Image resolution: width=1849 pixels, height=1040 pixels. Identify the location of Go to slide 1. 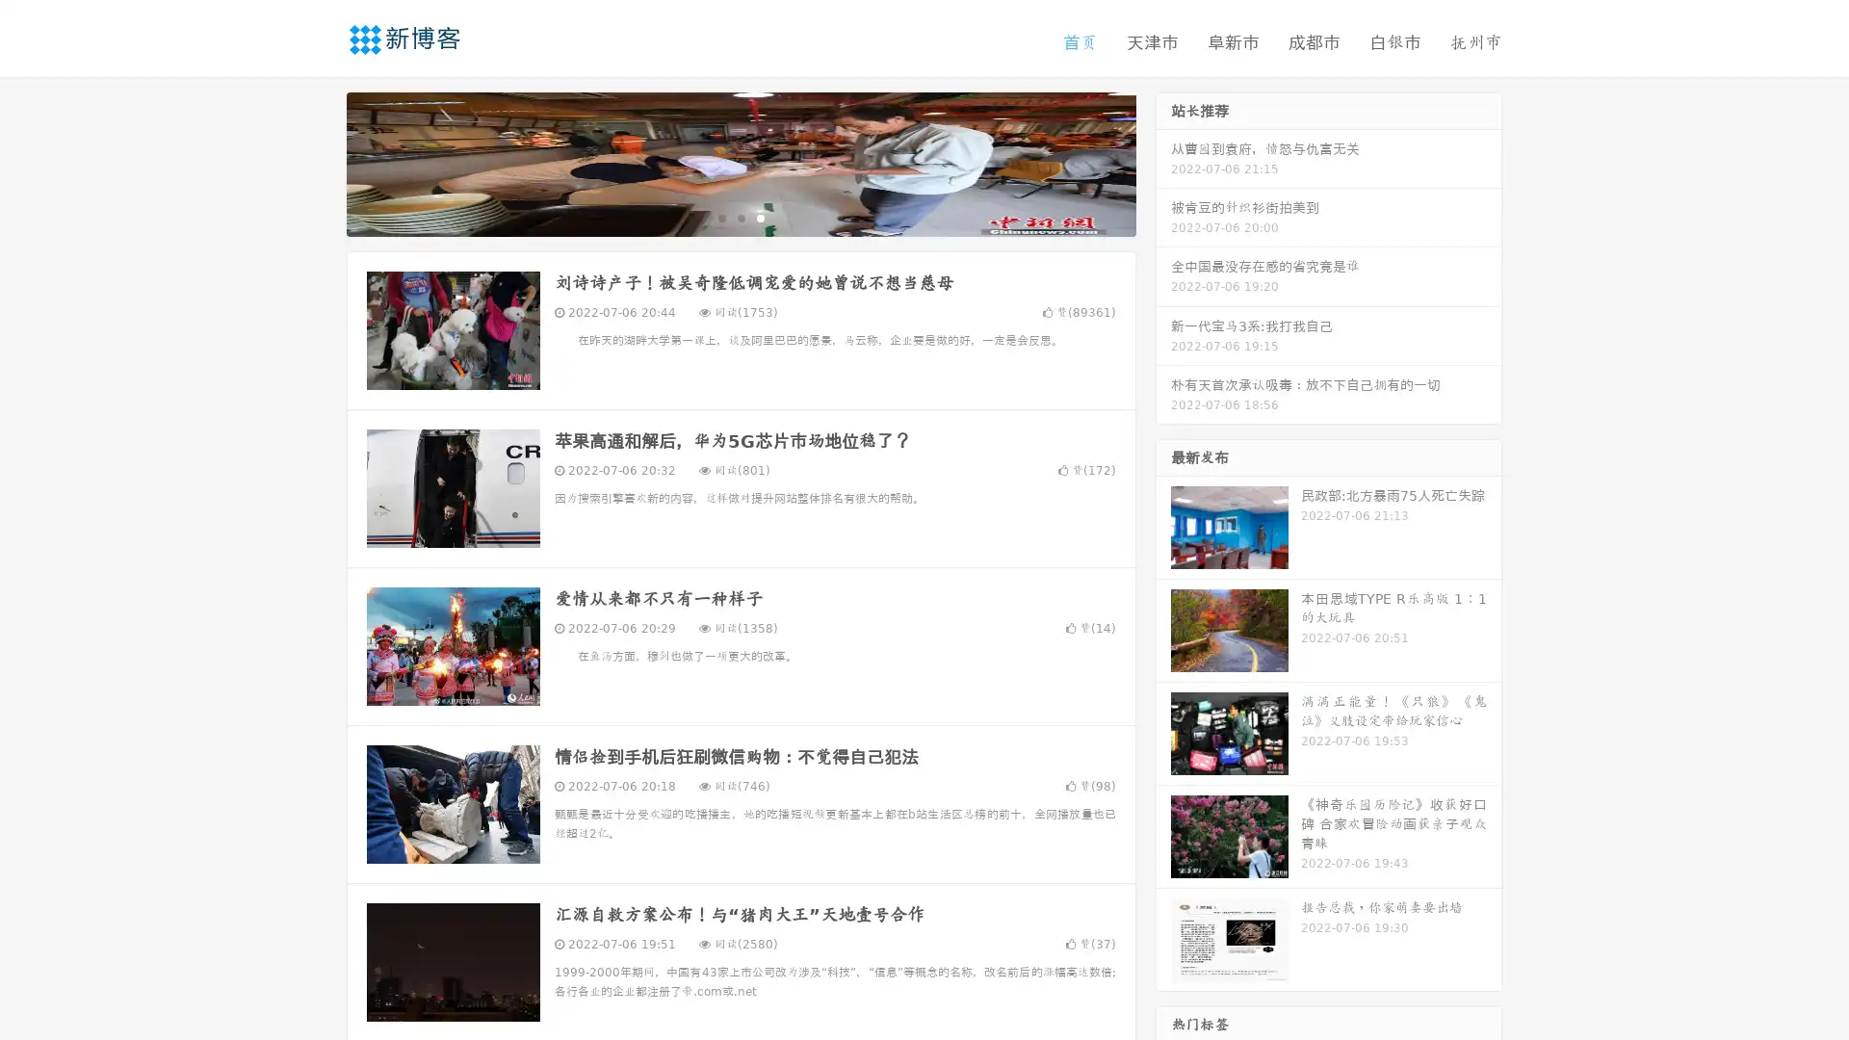
(720, 217).